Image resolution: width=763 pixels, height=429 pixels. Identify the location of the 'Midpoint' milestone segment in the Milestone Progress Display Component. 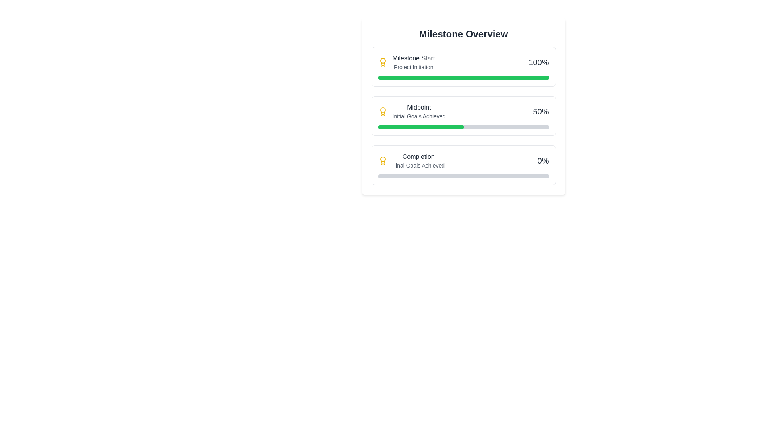
(463, 116).